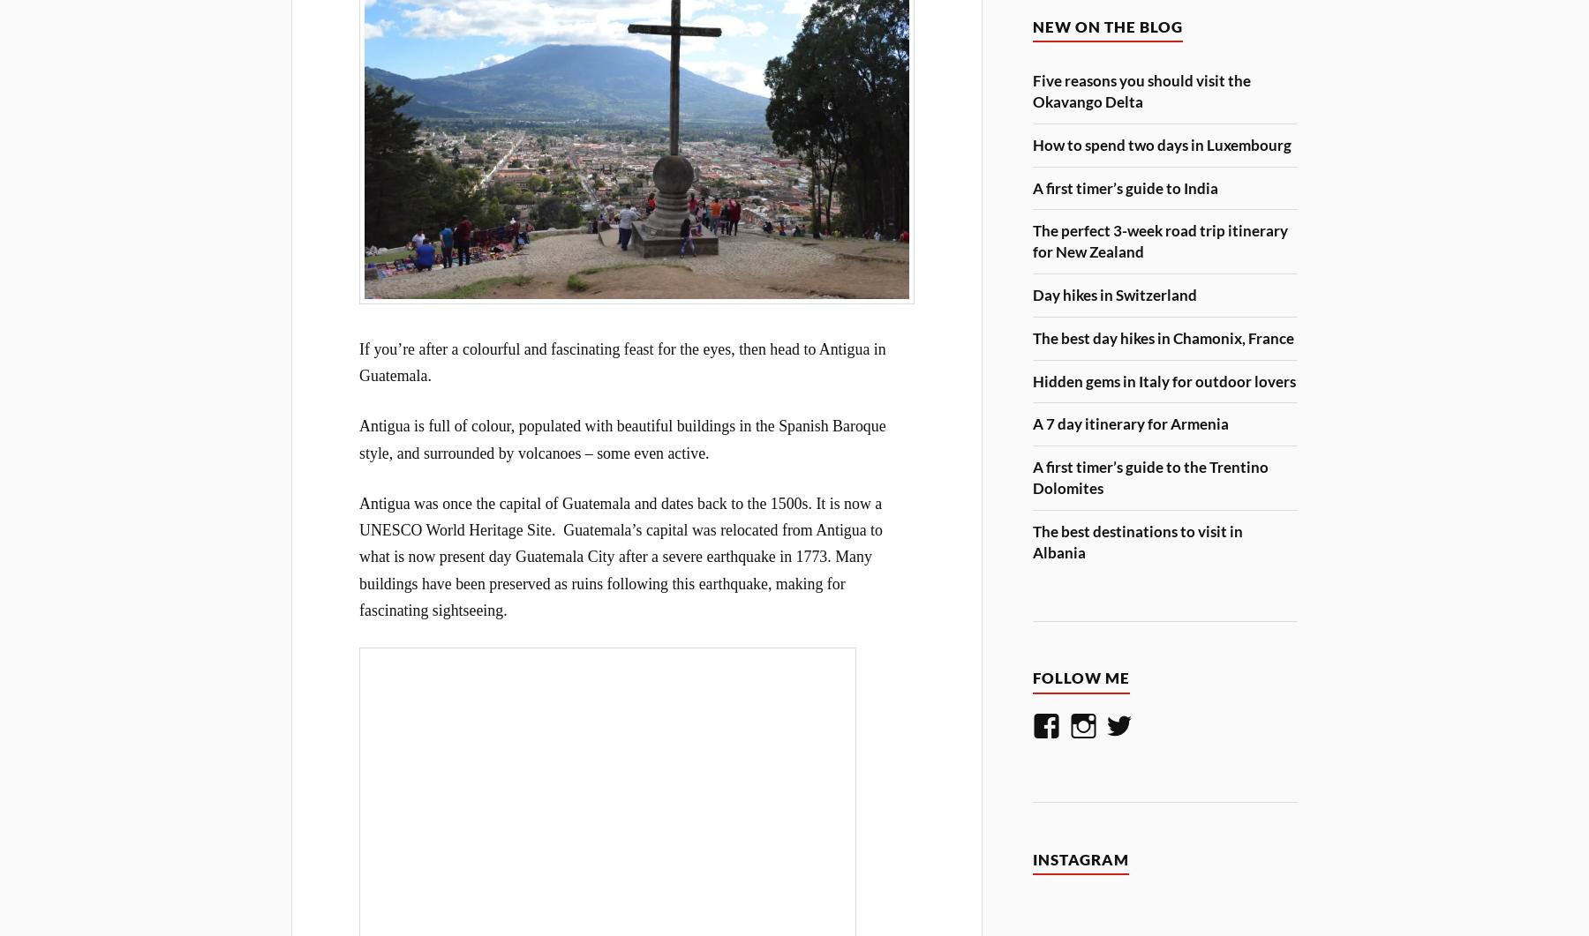  Describe the element at coordinates (1162, 144) in the screenshot. I see `'How to spend two days in Luxembourg'` at that location.